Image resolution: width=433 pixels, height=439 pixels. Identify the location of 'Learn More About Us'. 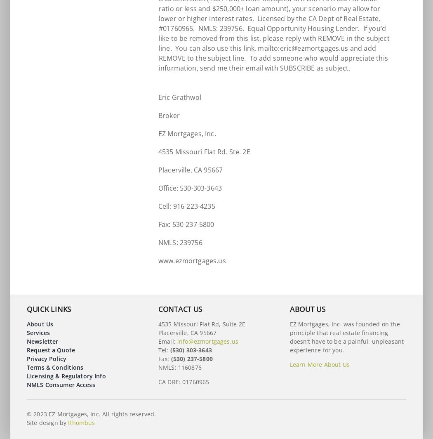
(319, 364).